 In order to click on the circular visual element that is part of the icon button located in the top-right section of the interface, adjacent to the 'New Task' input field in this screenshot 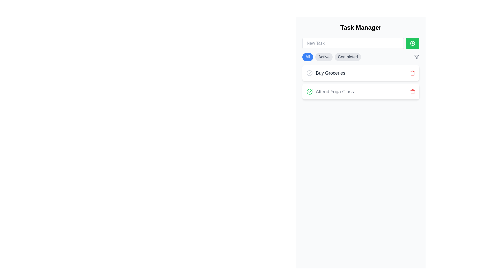, I will do `click(412, 43)`.